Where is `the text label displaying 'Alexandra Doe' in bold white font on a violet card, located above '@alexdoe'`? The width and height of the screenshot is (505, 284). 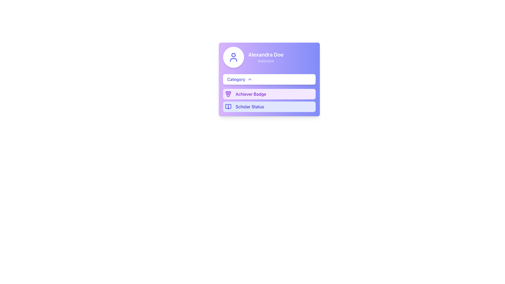
the text label displaying 'Alexandra Doe' in bold white font on a violet card, located above '@alexdoe' is located at coordinates (266, 55).